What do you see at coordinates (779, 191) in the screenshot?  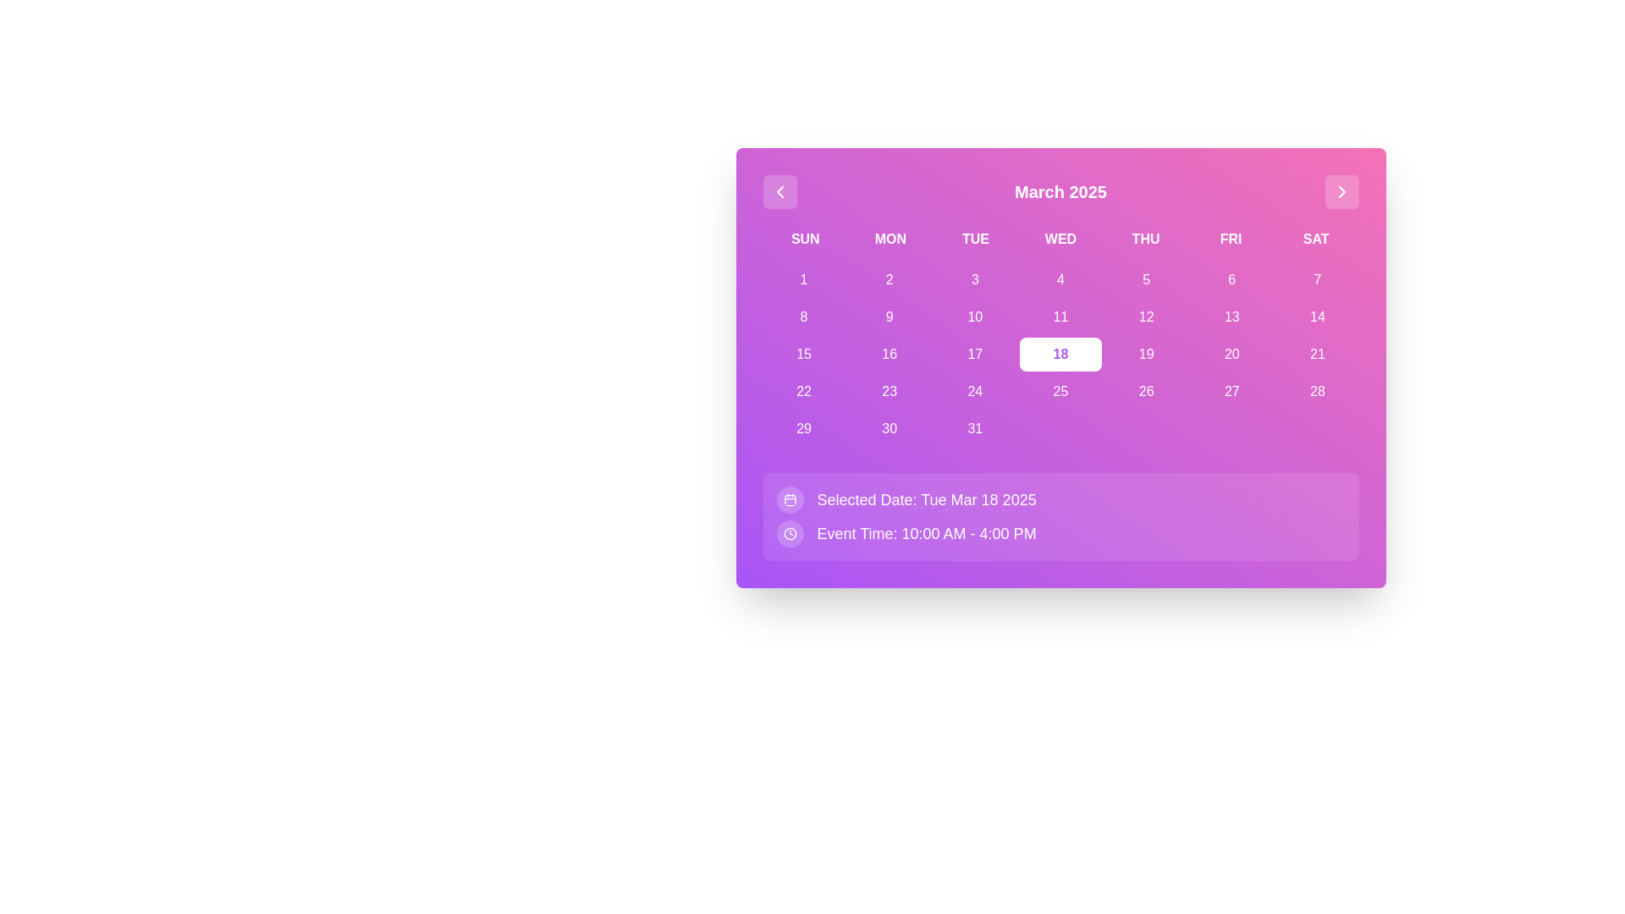 I see `the left chevron button located in the header of the calendar interface` at bounding box center [779, 191].